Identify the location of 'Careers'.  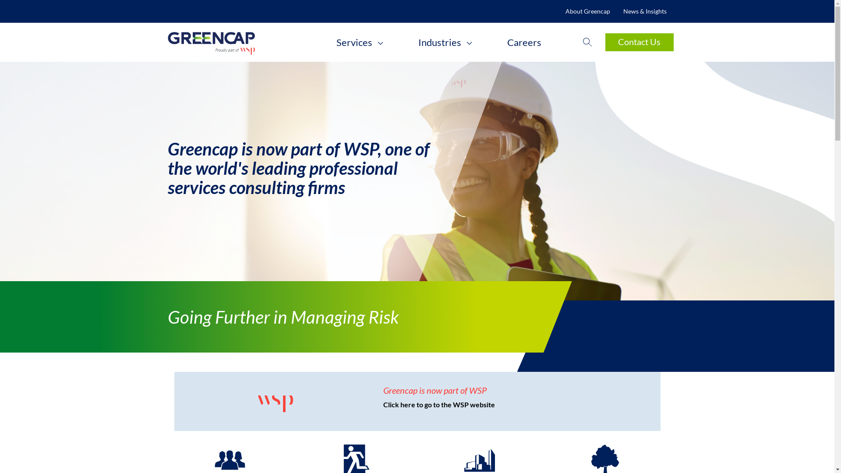
(524, 42).